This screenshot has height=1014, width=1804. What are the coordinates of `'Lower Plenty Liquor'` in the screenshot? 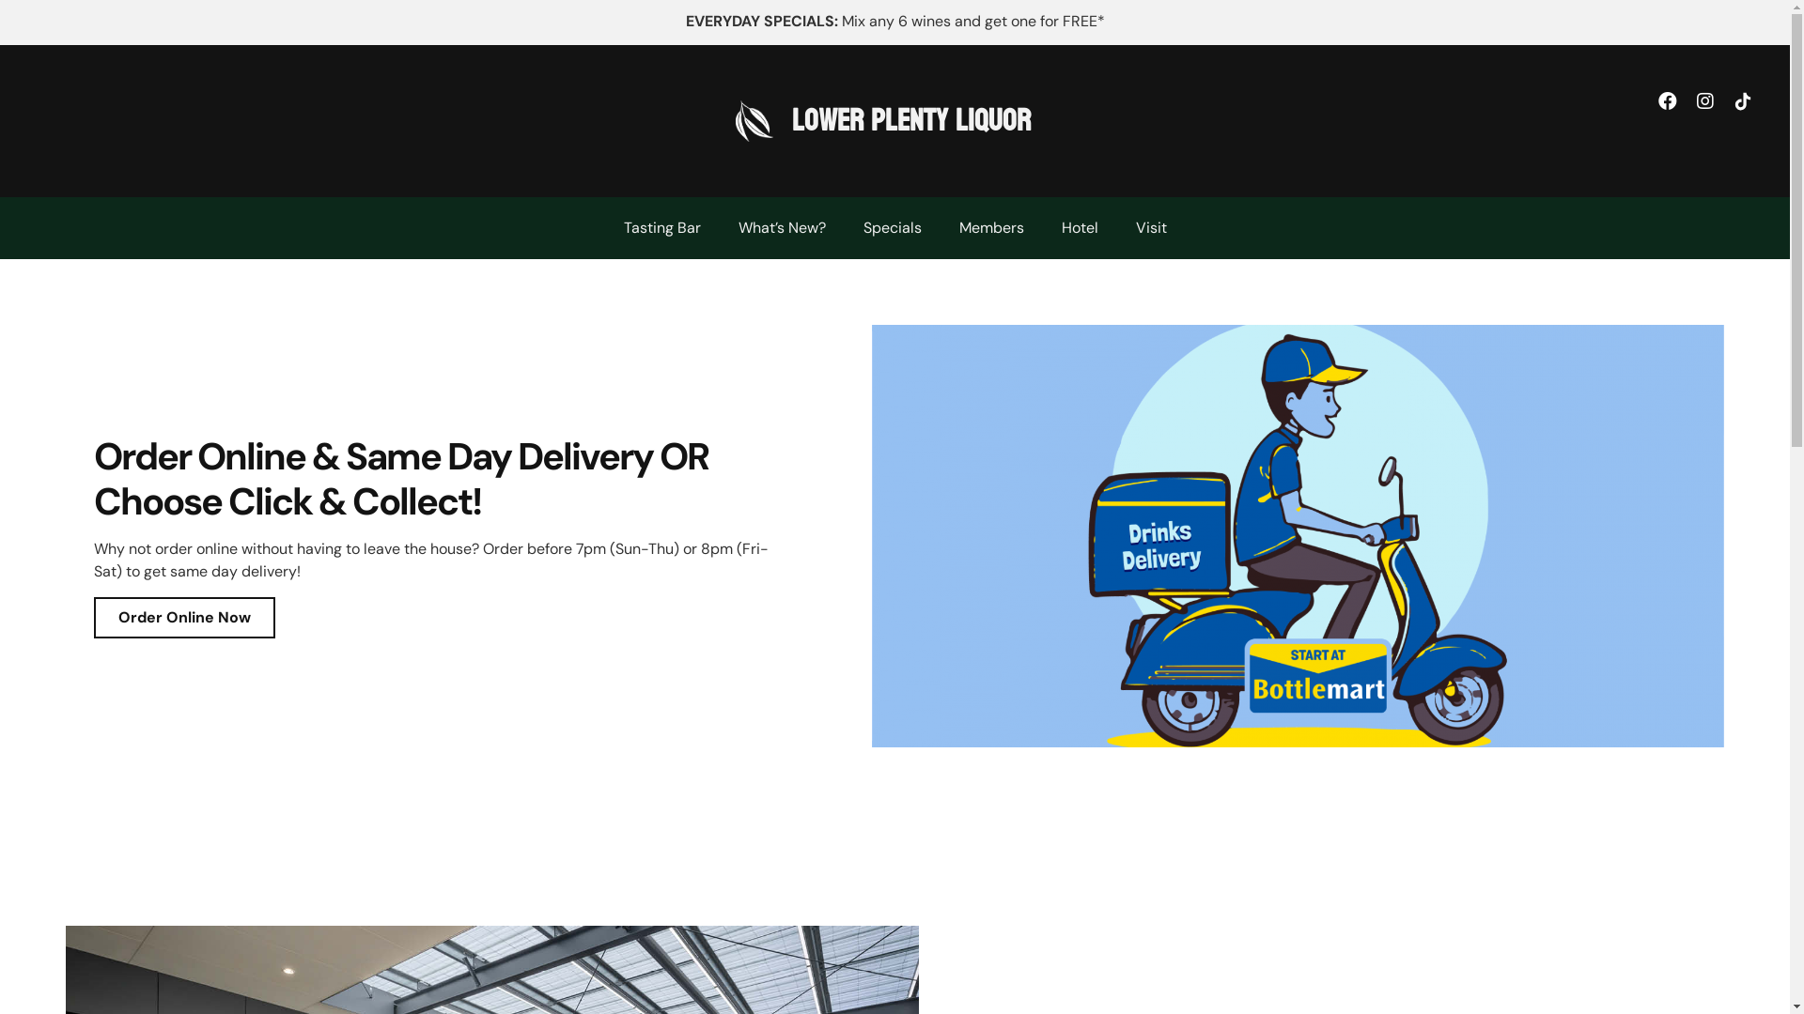 It's located at (910, 120).